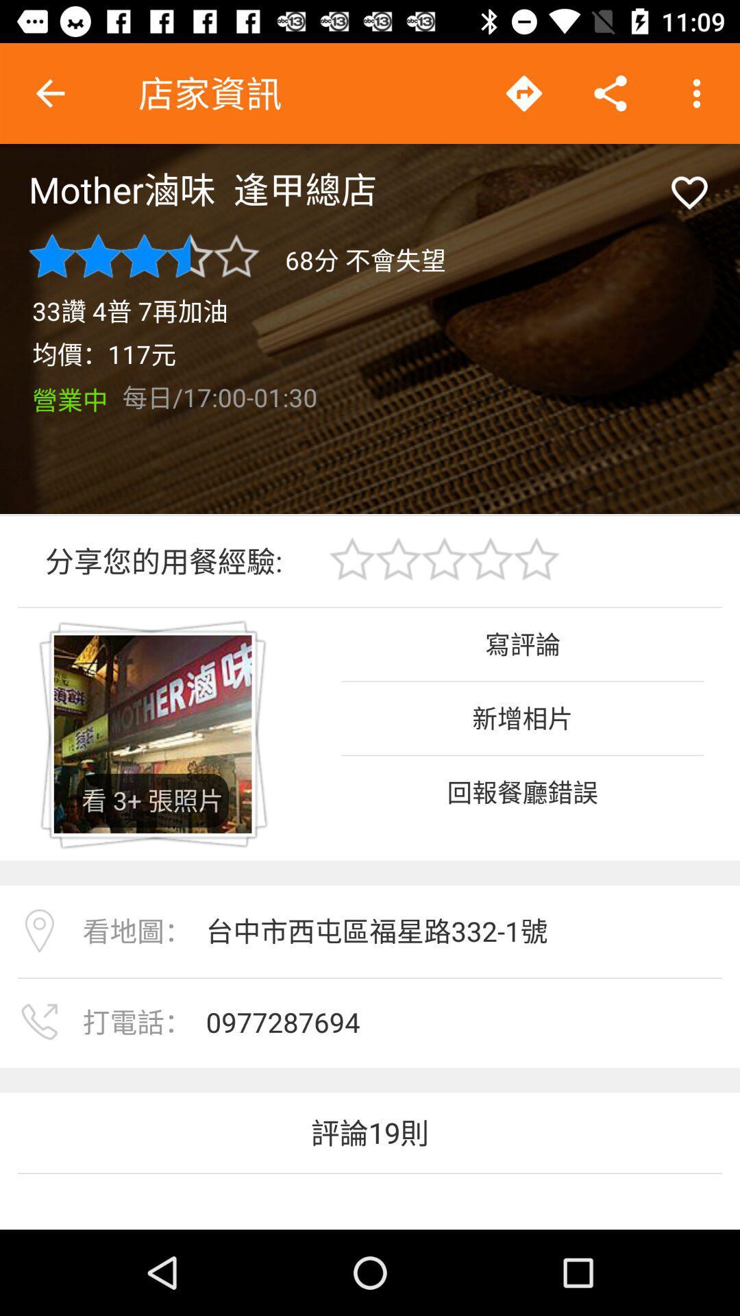  I want to click on the 3 vertical dots at the top right corner of the page, so click(697, 93).